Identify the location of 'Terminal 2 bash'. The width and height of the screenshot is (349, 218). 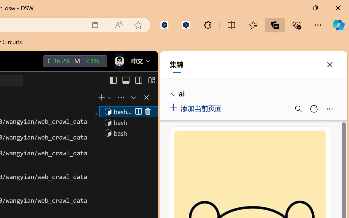
(128, 122).